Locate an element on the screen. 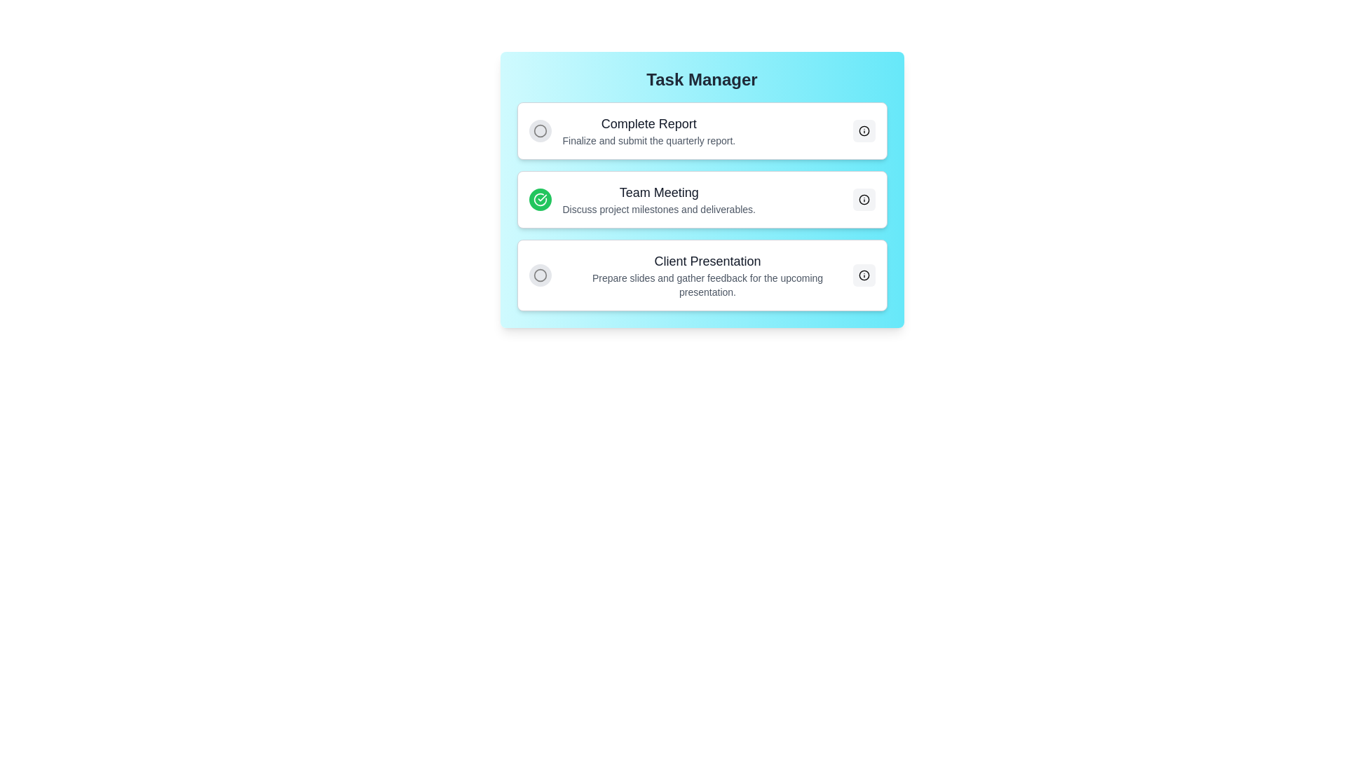  informational Text block detailing the 'Team Meeting' task, located in the center of the interface, between the 'Complete Report' and 'Client Presentation' sections is located at coordinates (658, 200).